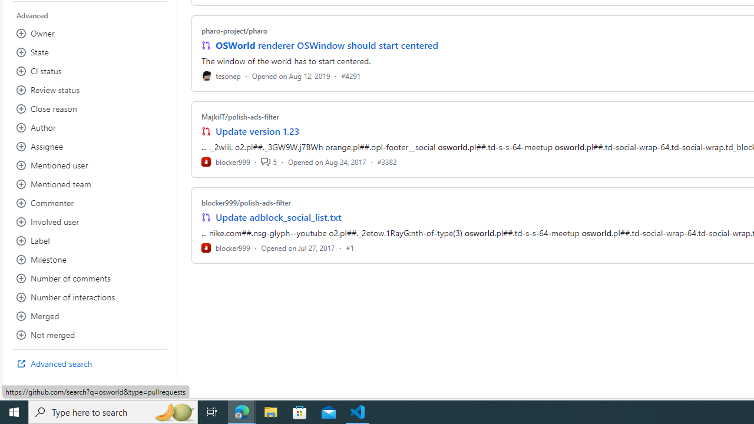  I want to click on 'Update version 1.23', so click(257, 131).